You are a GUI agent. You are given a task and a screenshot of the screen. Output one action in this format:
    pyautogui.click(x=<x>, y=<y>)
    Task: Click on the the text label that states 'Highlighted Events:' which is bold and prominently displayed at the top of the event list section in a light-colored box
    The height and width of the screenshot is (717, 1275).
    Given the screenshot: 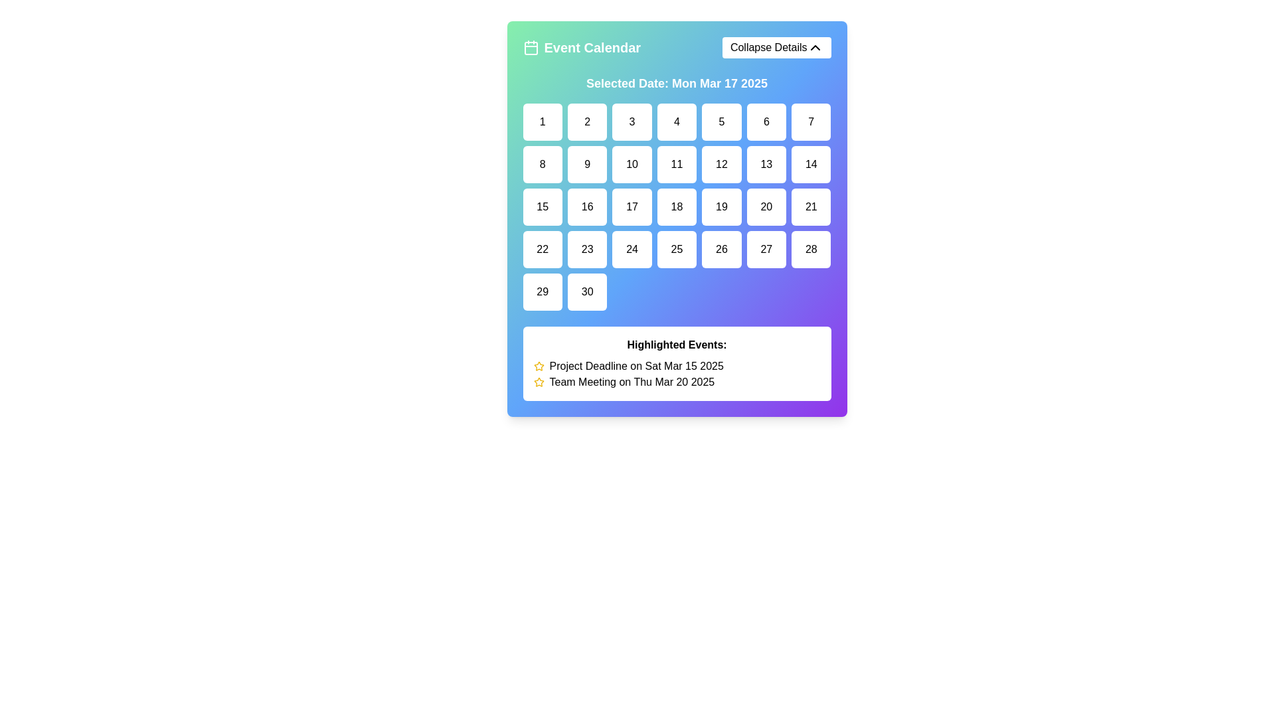 What is the action you would take?
    pyautogui.click(x=677, y=345)
    